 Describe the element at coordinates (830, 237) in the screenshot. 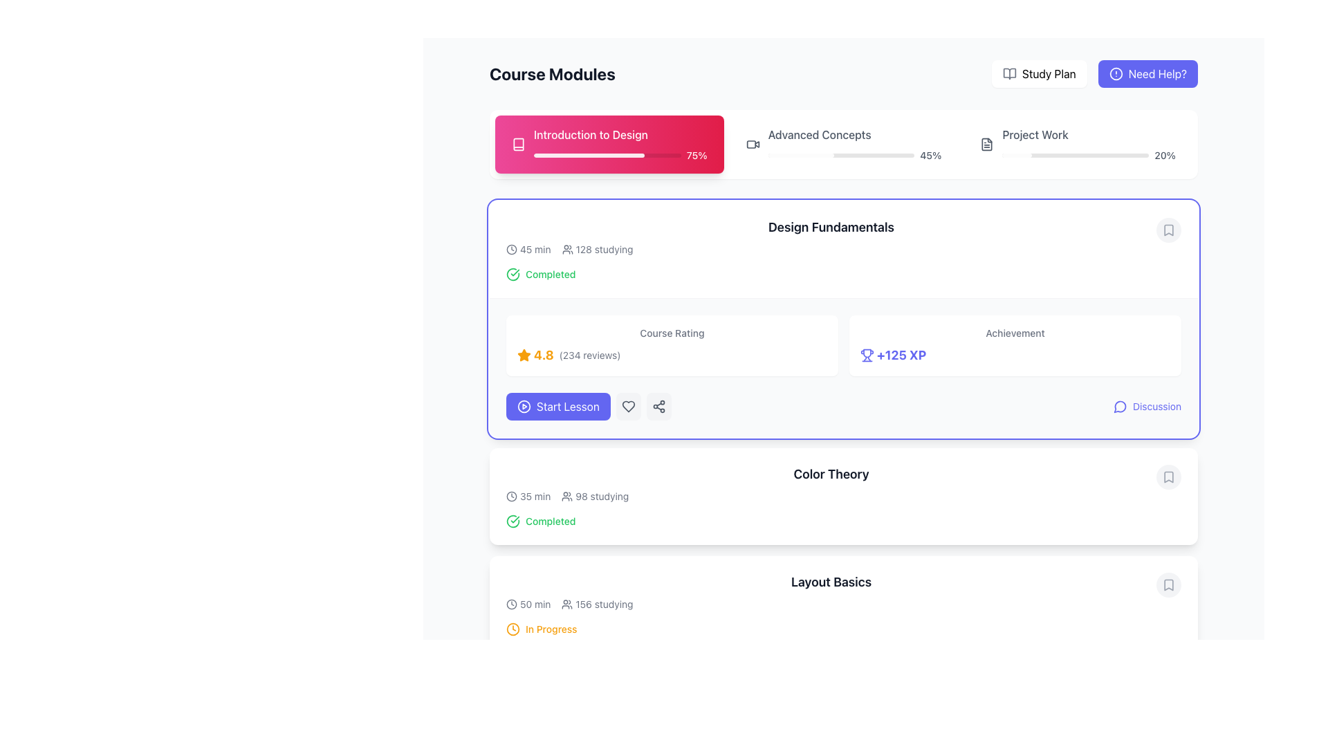

I see `the header element for the course module, which provides the course's name and pertinent information` at that location.